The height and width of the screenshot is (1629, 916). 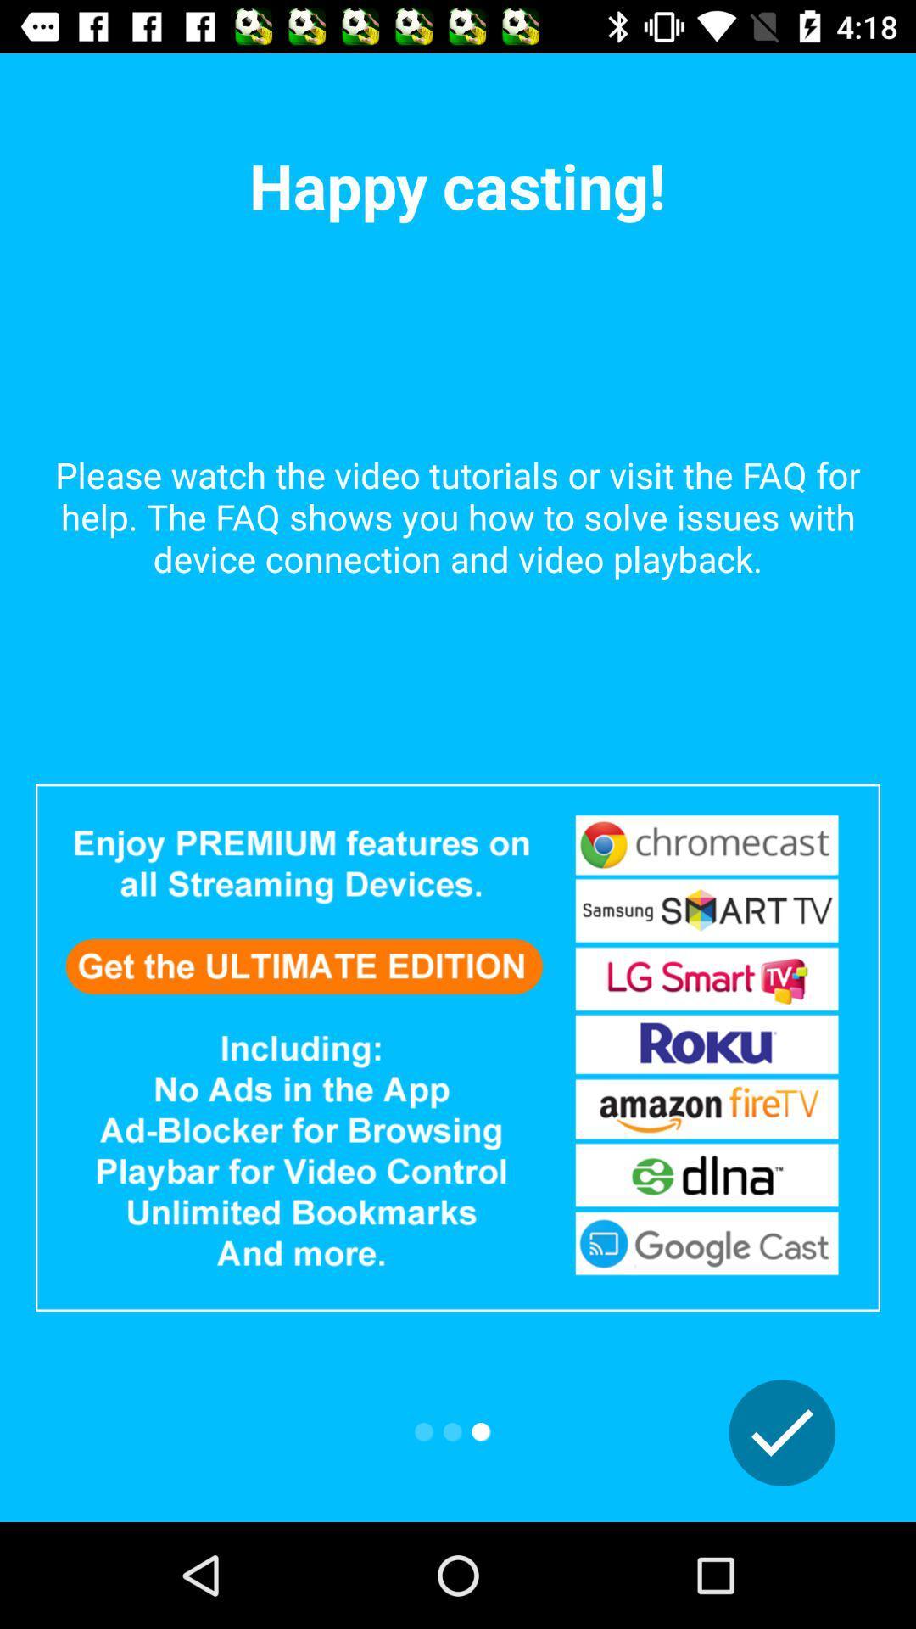 I want to click on submit, so click(x=782, y=1432).